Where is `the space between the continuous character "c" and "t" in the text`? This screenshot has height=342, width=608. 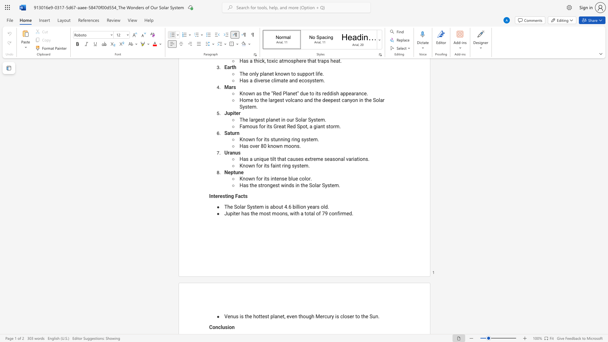 the space between the continuous character "c" and "t" in the text is located at coordinates (243, 196).